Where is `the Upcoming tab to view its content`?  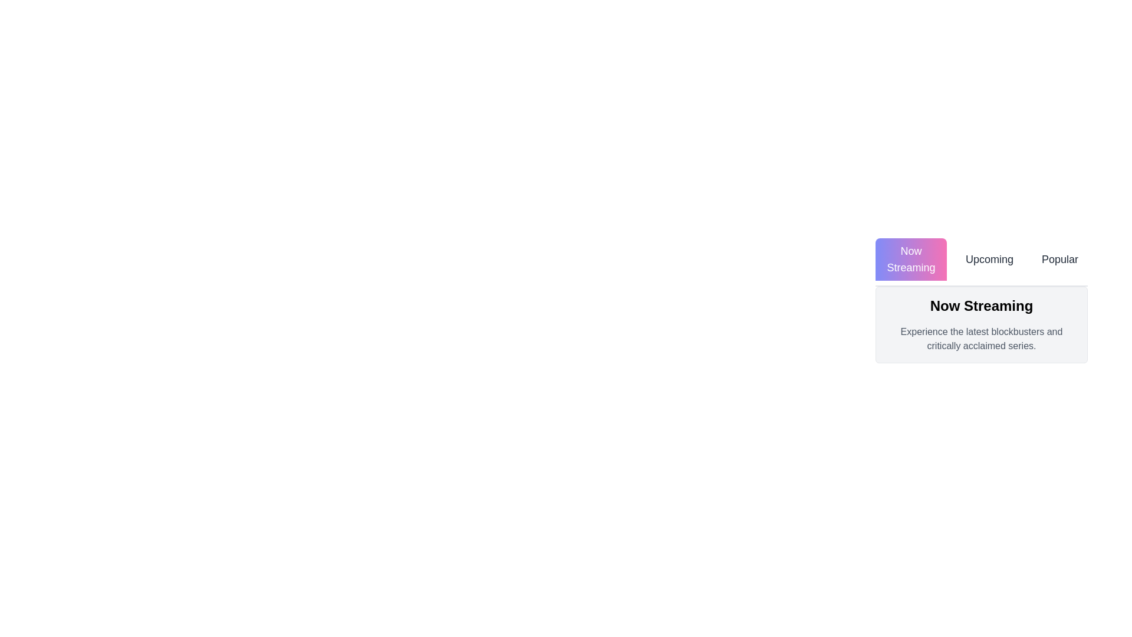
the Upcoming tab to view its content is located at coordinates (989, 258).